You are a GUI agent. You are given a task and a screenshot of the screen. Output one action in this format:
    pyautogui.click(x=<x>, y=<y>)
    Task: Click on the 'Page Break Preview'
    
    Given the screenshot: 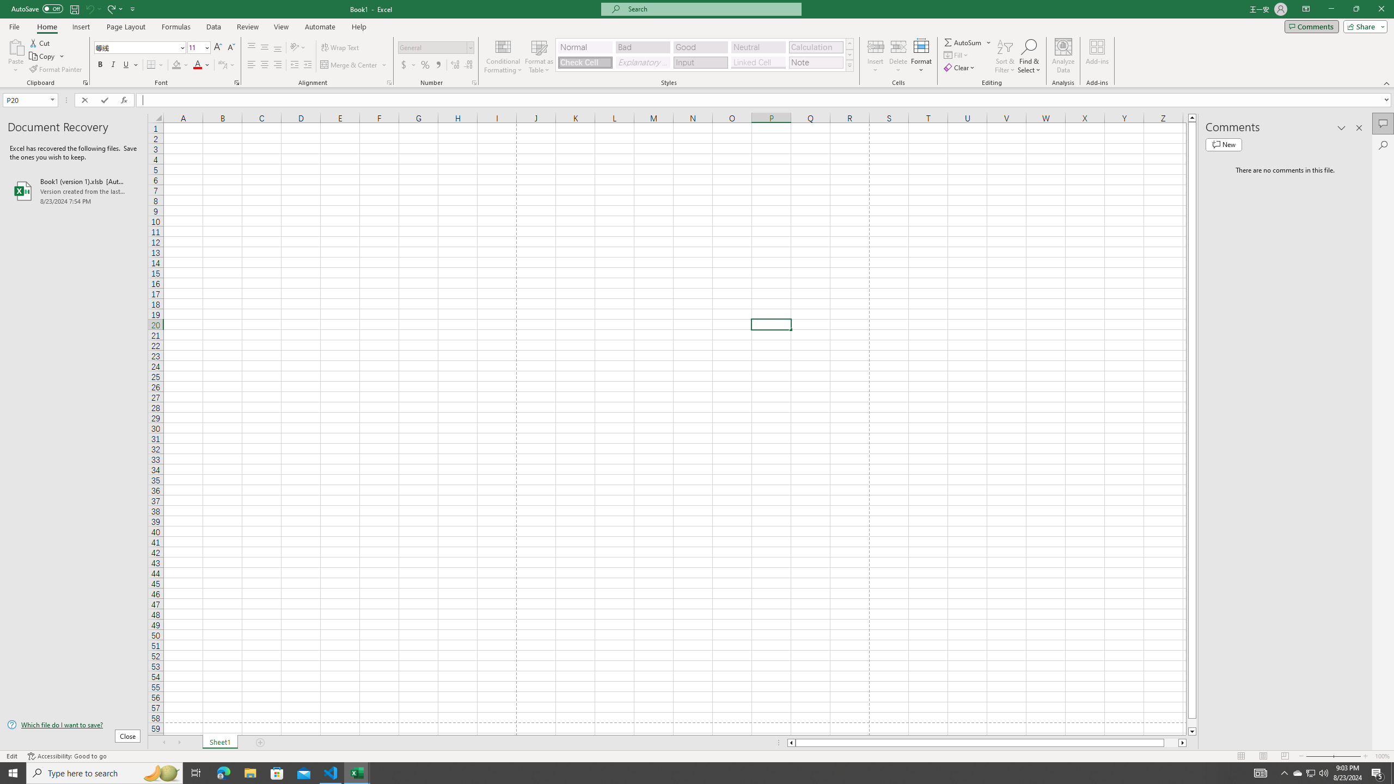 What is the action you would take?
    pyautogui.click(x=1285, y=756)
    